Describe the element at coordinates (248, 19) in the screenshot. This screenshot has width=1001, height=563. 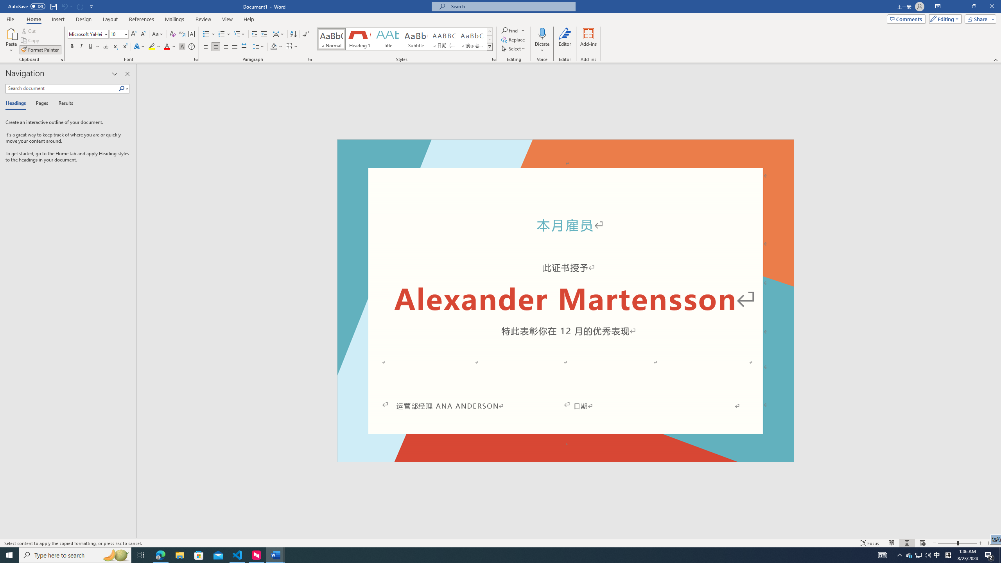
I see `'Help'` at that location.